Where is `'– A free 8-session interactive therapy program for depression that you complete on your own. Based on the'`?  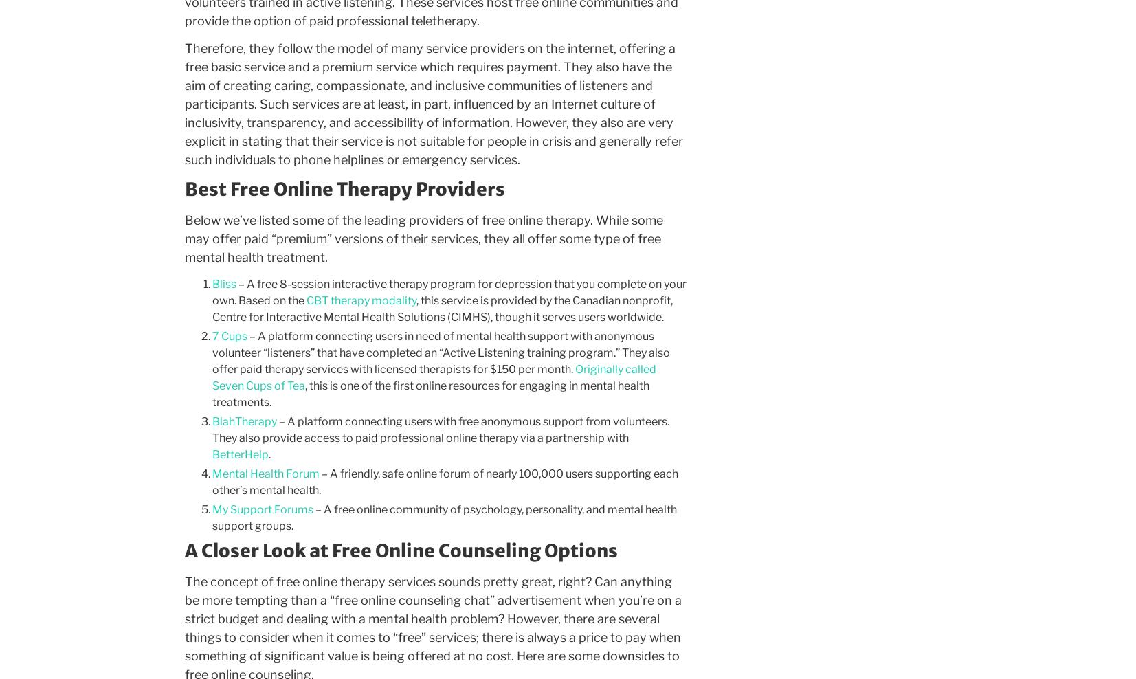 '– A free 8-session interactive therapy program for depression that you complete on your own. Based on the' is located at coordinates (447, 291).